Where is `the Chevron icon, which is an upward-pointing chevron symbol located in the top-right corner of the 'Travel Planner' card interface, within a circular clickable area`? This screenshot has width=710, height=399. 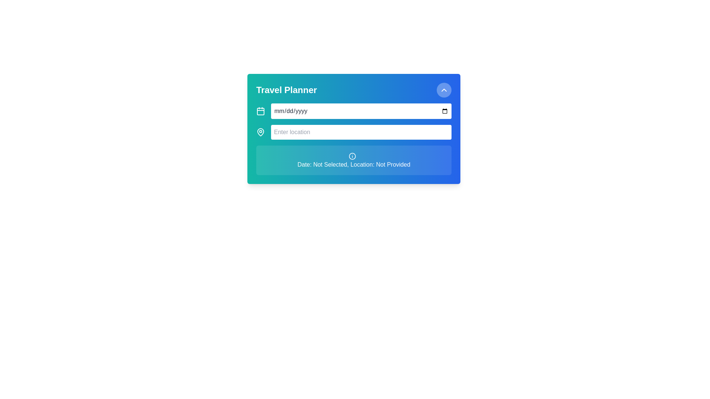 the Chevron icon, which is an upward-pointing chevron symbol located in the top-right corner of the 'Travel Planner' card interface, within a circular clickable area is located at coordinates (444, 89).